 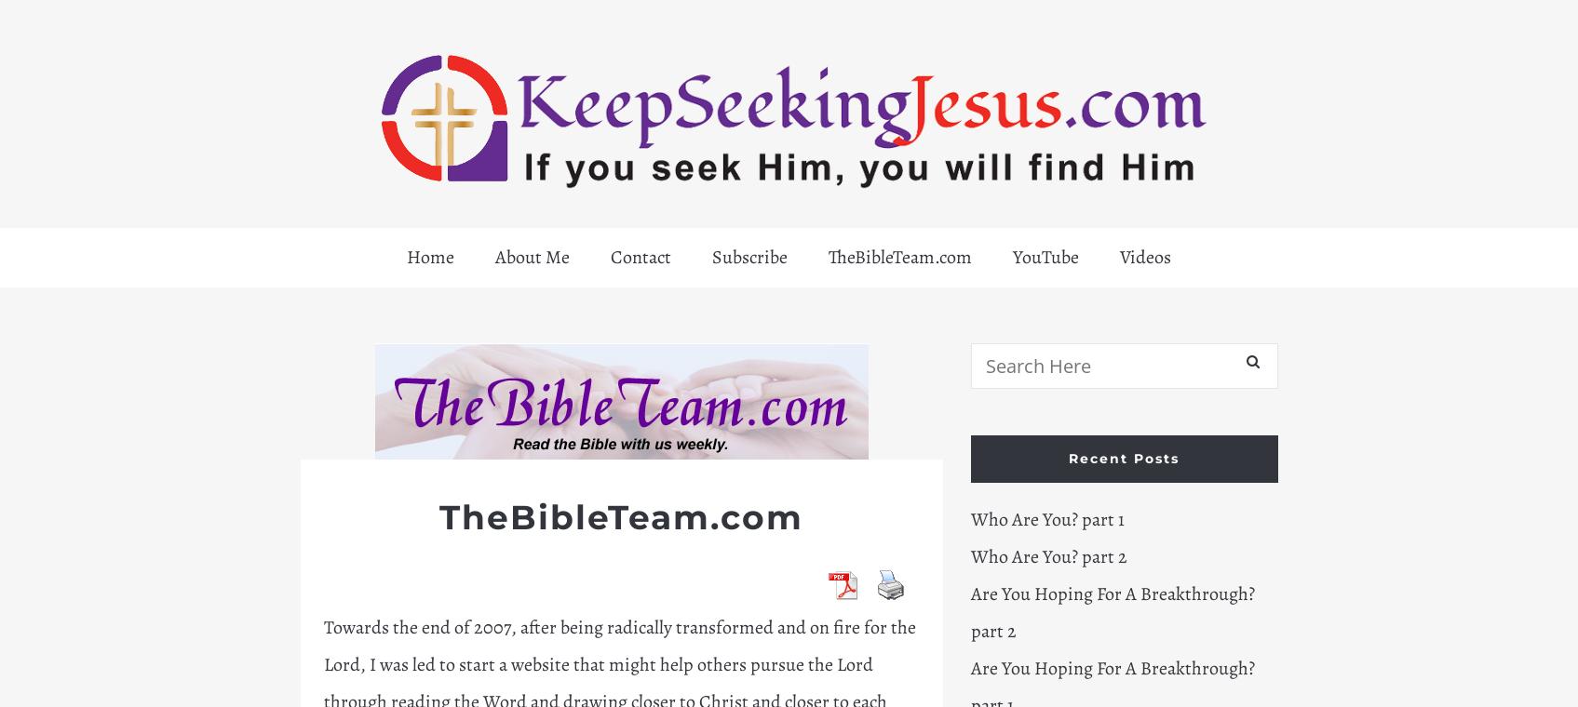 What do you see at coordinates (1145, 256) in the screenshot?
I see `'Videos'` at bounding box center [1145, 256].